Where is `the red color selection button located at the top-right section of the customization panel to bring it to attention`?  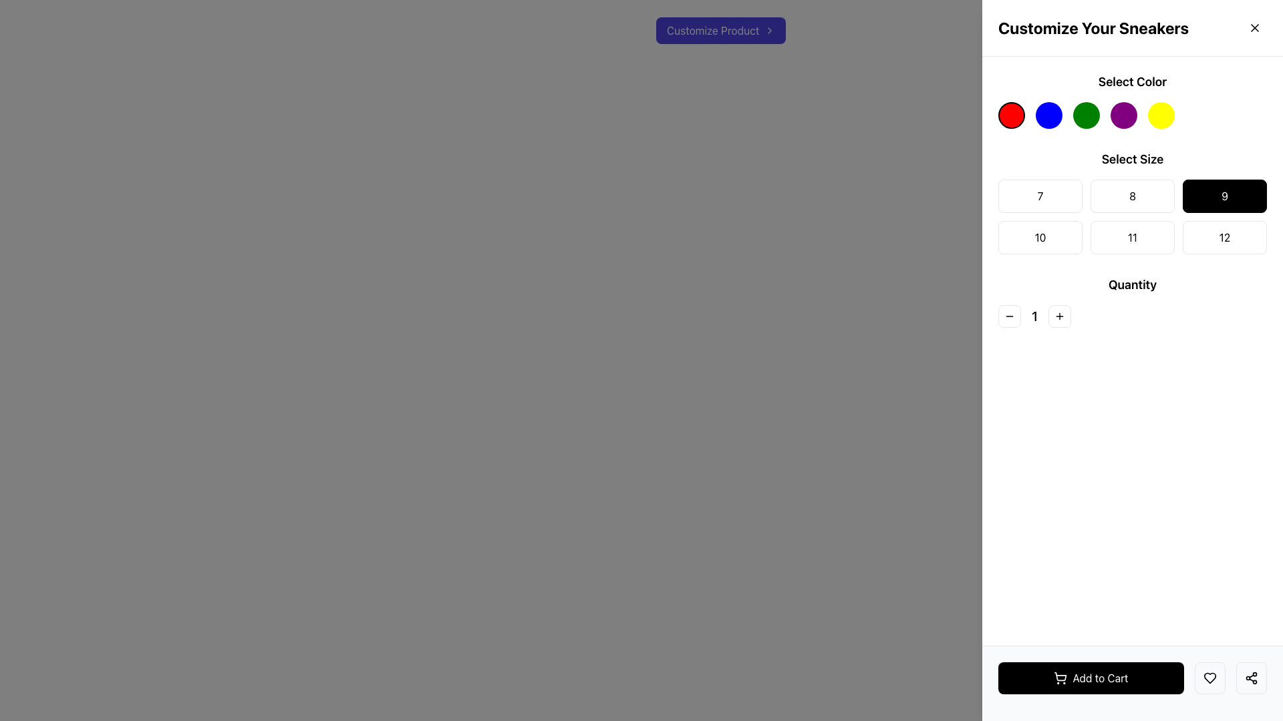 the red color selection button located at the top-right section of the customization panel to bring it to attention is located at coordinates (1011, 115).